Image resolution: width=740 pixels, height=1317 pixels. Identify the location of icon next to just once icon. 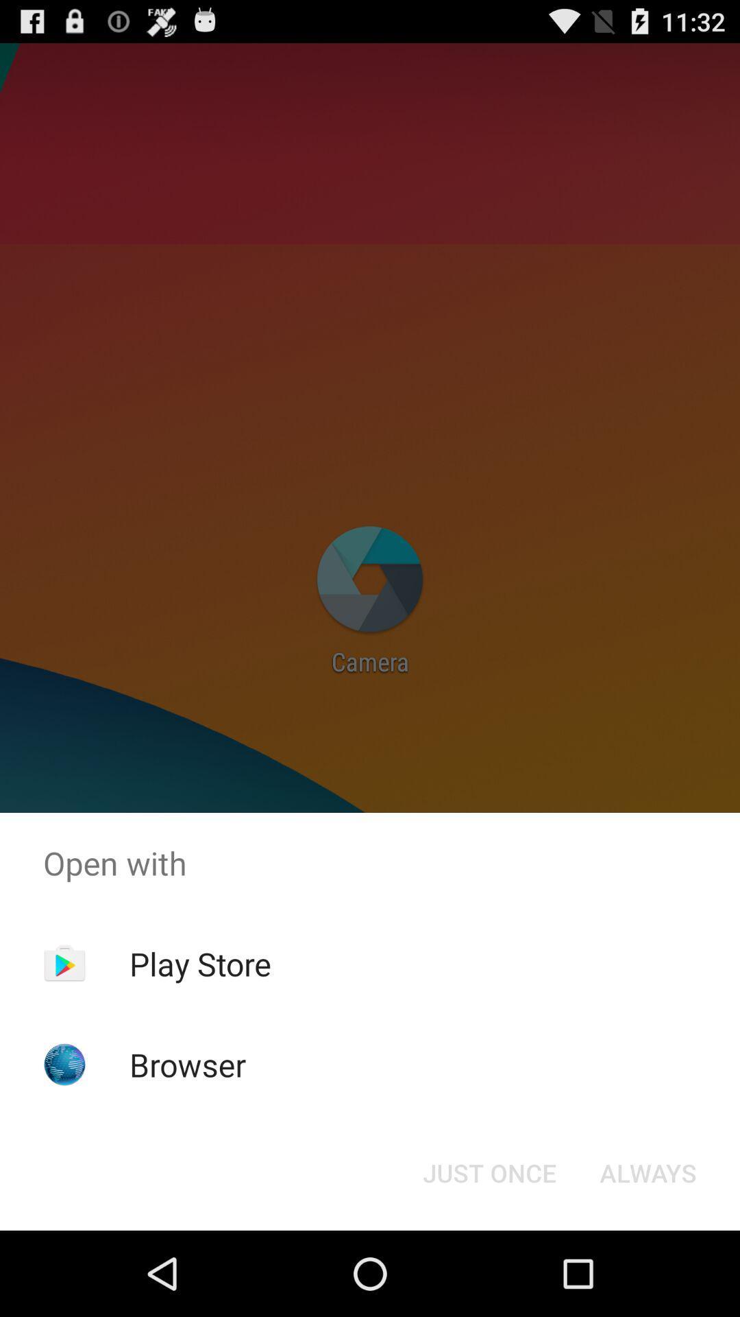
(647, 1172).